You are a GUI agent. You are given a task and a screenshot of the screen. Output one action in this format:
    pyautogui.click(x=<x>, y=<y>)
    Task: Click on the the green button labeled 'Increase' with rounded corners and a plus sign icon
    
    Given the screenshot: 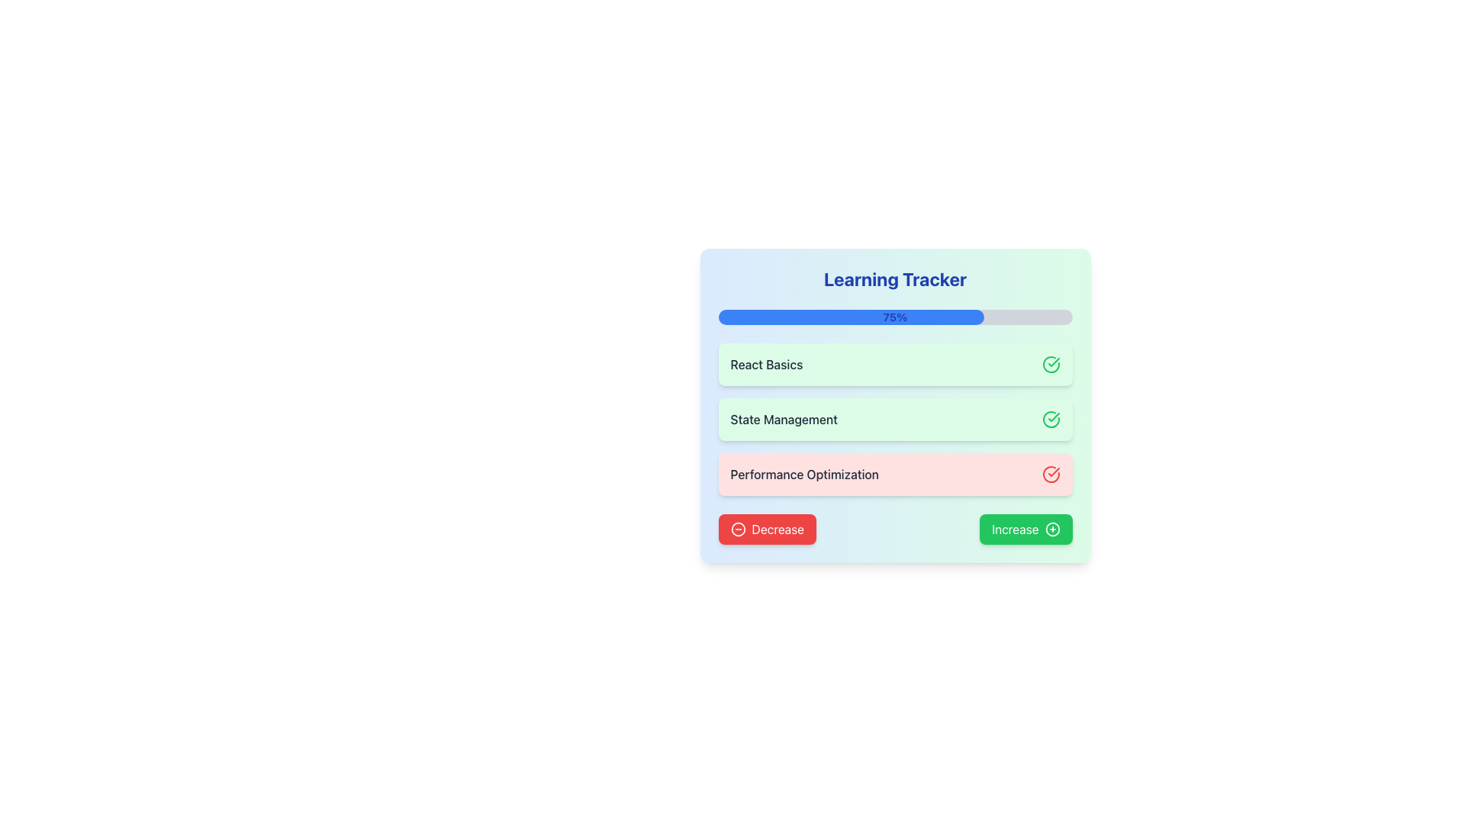 What is the action you would take?
    pyautogui.click(x=1025, y=529)
    